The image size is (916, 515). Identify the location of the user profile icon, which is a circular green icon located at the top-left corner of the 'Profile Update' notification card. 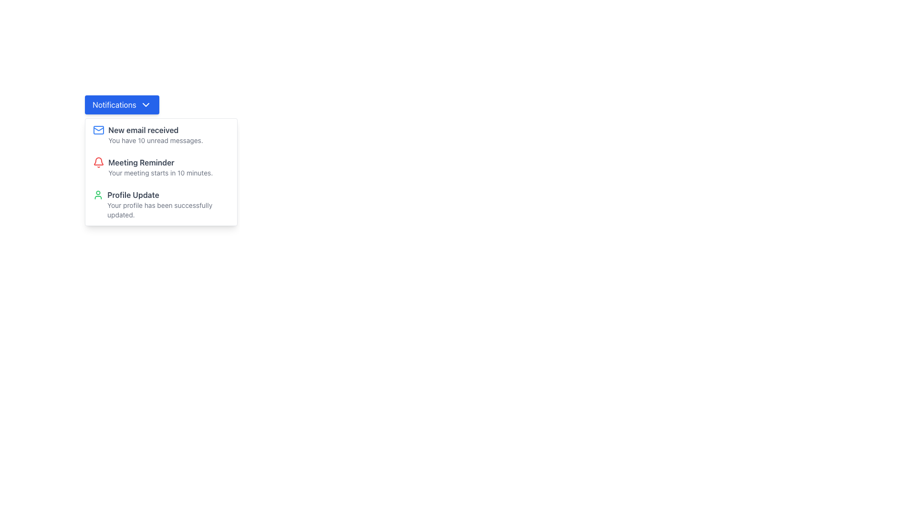
(98, 194).